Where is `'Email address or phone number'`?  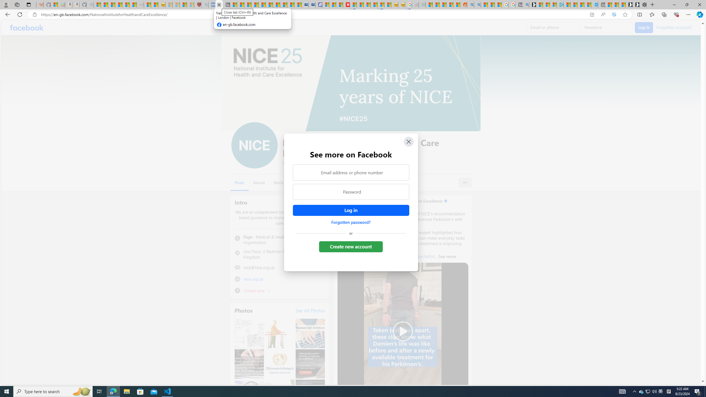 'Email address or phone number' is located at coordinates (351, 172).